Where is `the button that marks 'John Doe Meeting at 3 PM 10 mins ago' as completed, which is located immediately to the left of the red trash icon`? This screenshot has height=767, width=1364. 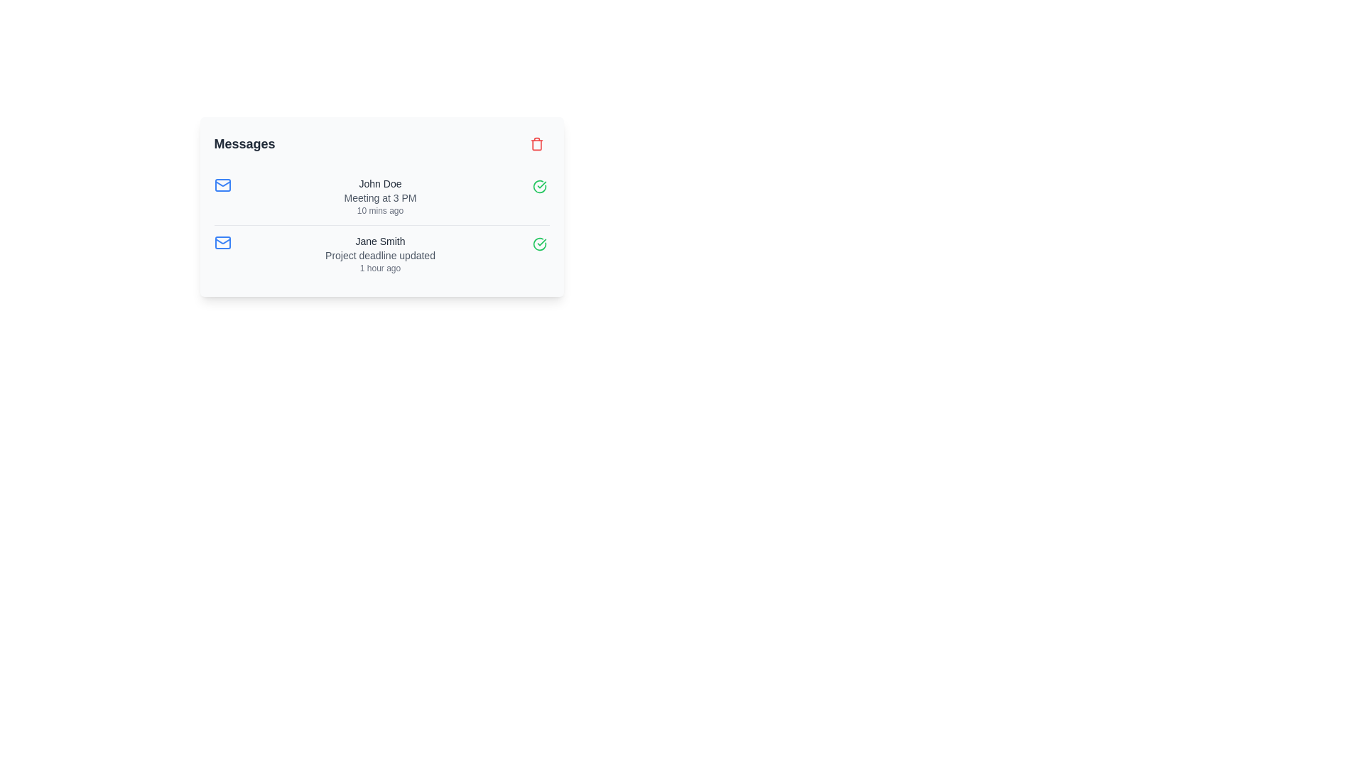
the button that marks 'John Doe Meeting at 3 PM 10 mins ago' as completed, which is located immediately to the left of the red trash icon is located at coordinates (538, 185).